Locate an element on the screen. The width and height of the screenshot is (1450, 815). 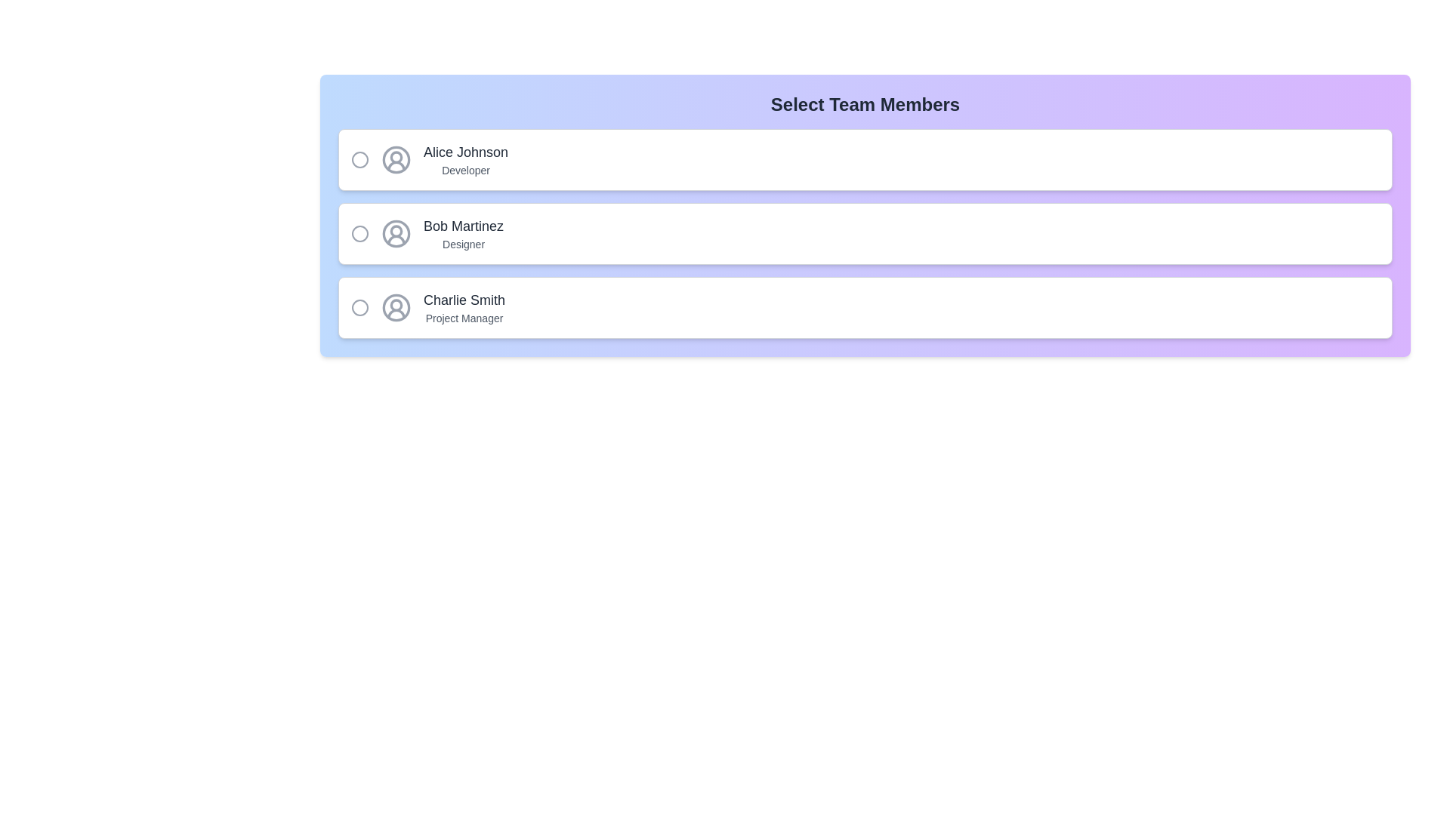
the User Profile Icon associated with 'Alice Johnson', which is a circular icon with a thin border and a human silhouette inside, located in the top-left corner of the icon list is located at coordinates (396, 160).